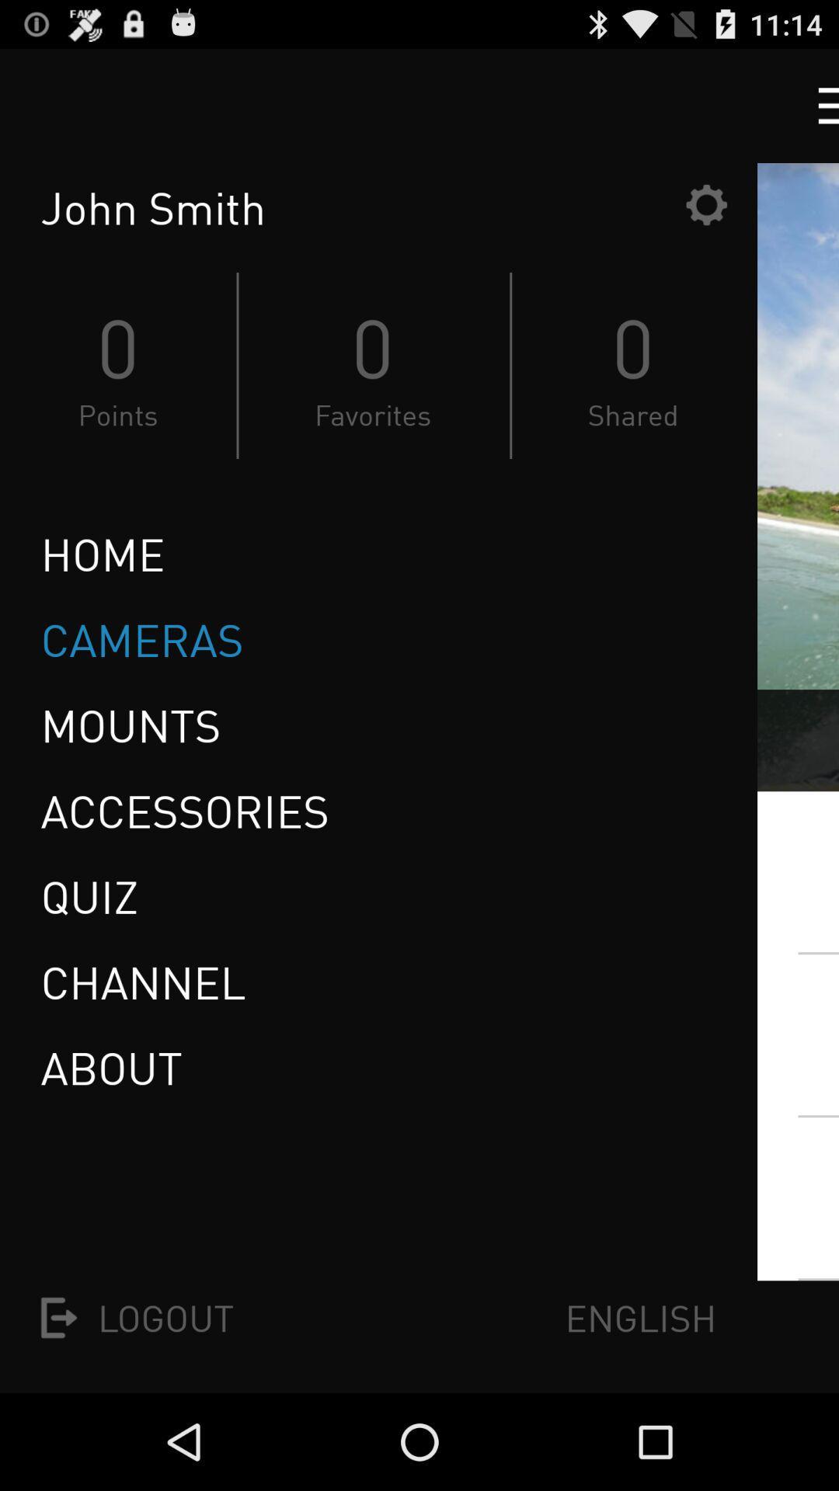 The image size is (839, 1491). Describe the element at coordinates (706, 218) in the screenshot. I see `the settings icon` at that location.